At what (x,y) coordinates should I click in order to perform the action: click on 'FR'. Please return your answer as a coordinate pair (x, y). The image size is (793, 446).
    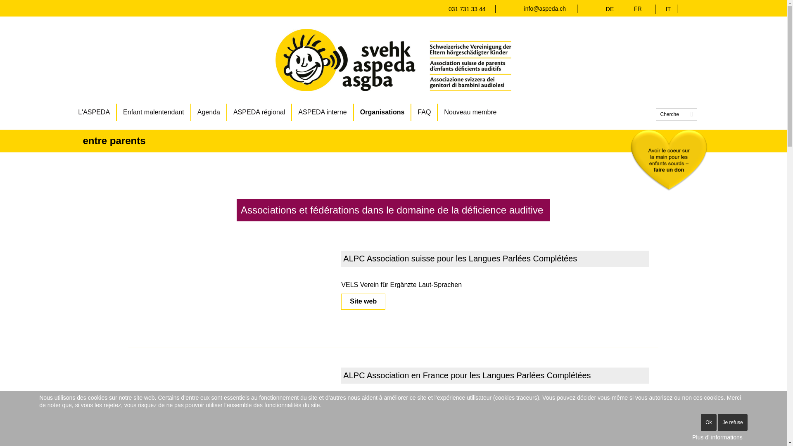
    Looking at the image, I should click on (637, 8).